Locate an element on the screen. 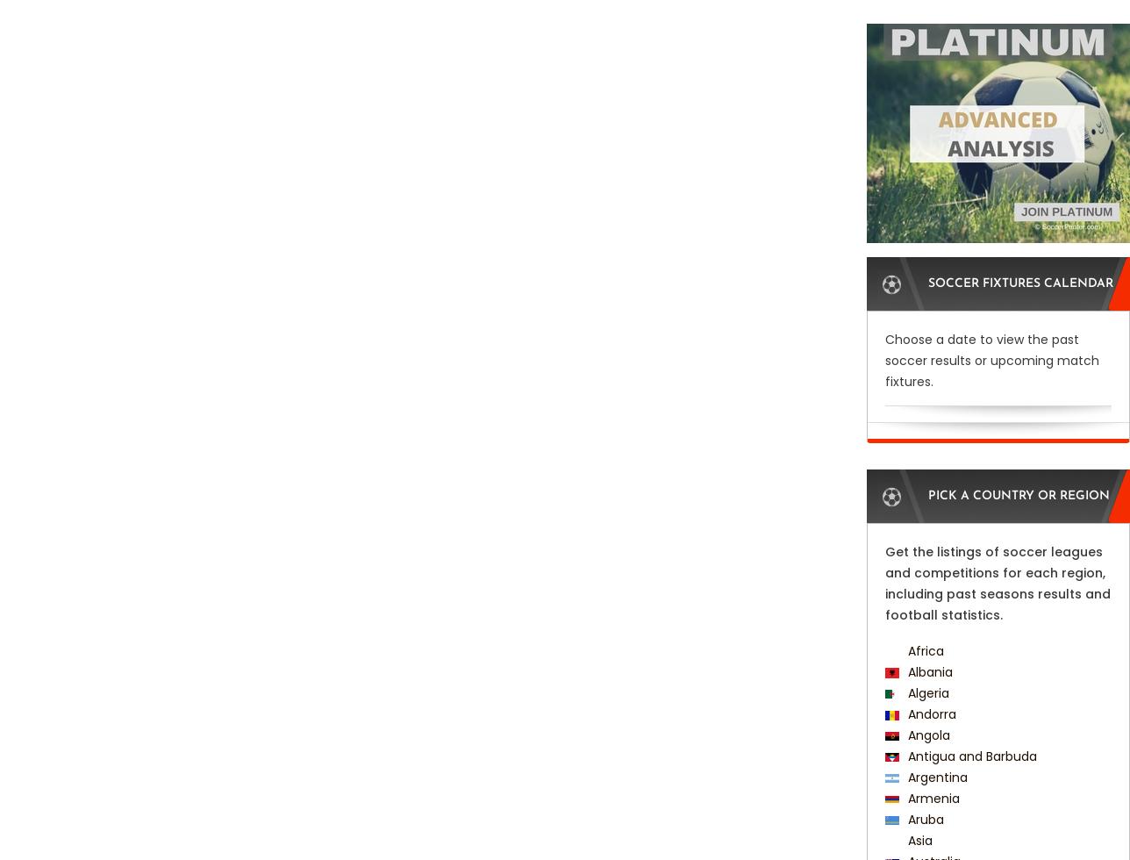 This screenshot has width=1130, height=860. 'Get the listings of soccer leagues and competitions for each region, including past                     seasons results and football statistics.' is located at coordinates (998, 584).